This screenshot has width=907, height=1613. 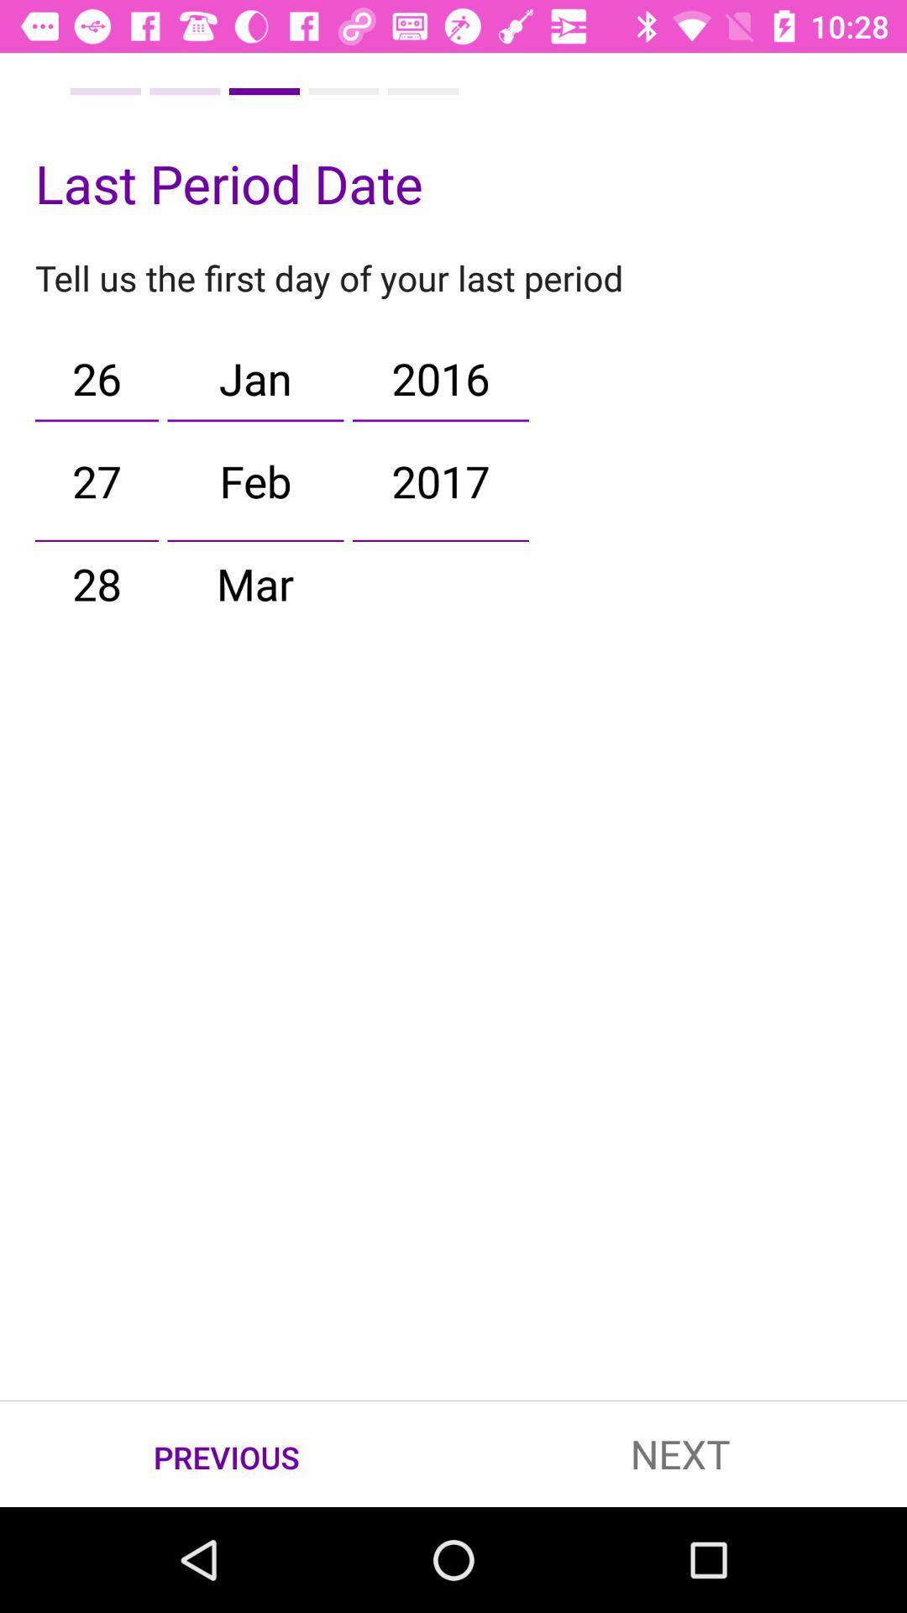 What do you see at coordinates (680, 1453) in the screenshot?
I see `the next item` at bounding box center [680, 1453].